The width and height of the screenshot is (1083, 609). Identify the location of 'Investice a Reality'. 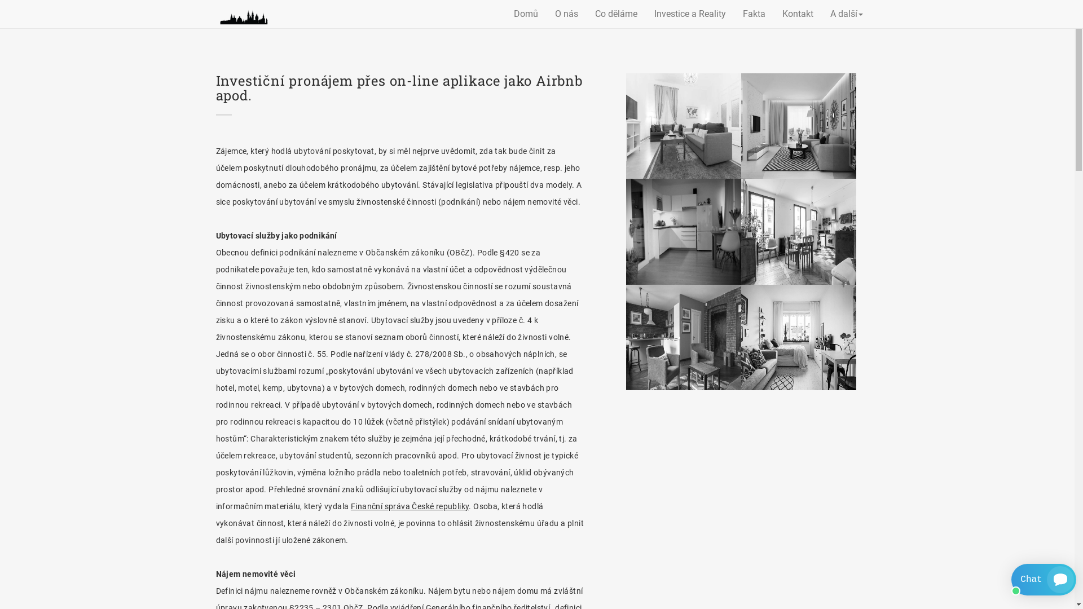
(646, 14).